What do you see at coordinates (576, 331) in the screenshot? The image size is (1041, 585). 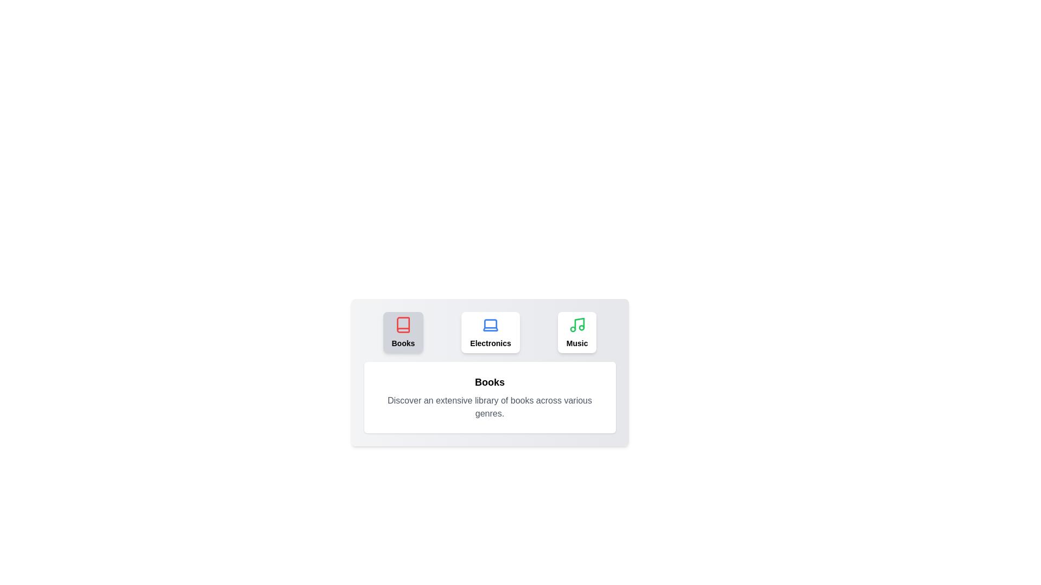 I see `the tab labeled Music` at bounding box center [576, 331].